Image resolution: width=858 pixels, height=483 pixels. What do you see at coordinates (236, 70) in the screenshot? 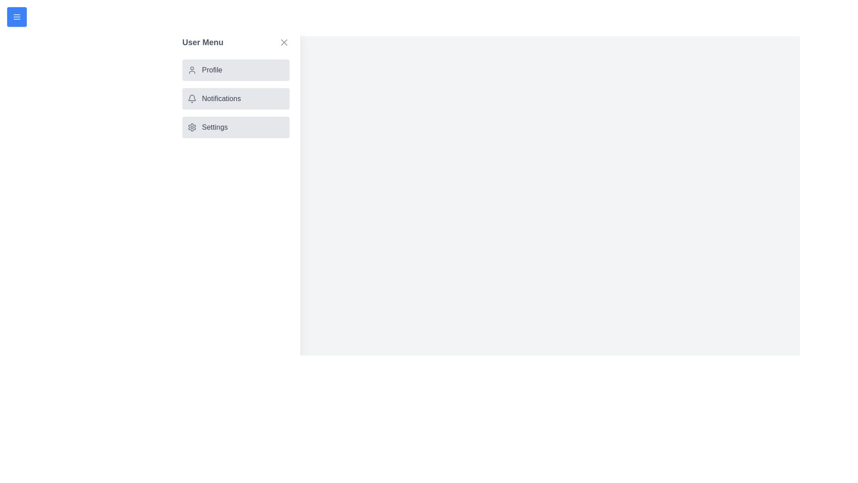
I see `the menu item Profile from the drawer` at bounding box center [236, 70].